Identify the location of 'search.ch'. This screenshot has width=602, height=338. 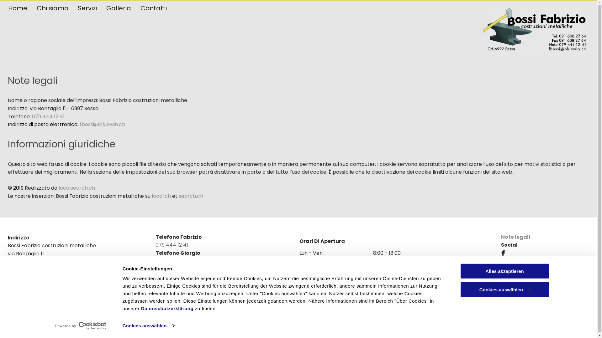
(191, 196).